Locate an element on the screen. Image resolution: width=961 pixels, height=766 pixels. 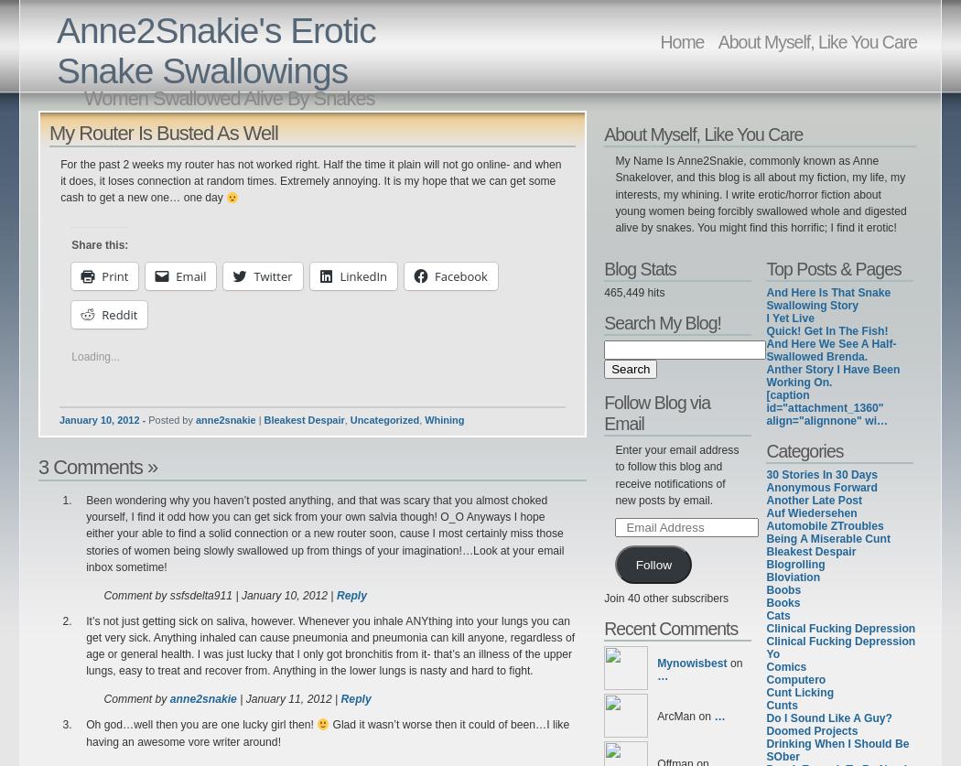
'Facebook' is located at coordinates (459, 275).